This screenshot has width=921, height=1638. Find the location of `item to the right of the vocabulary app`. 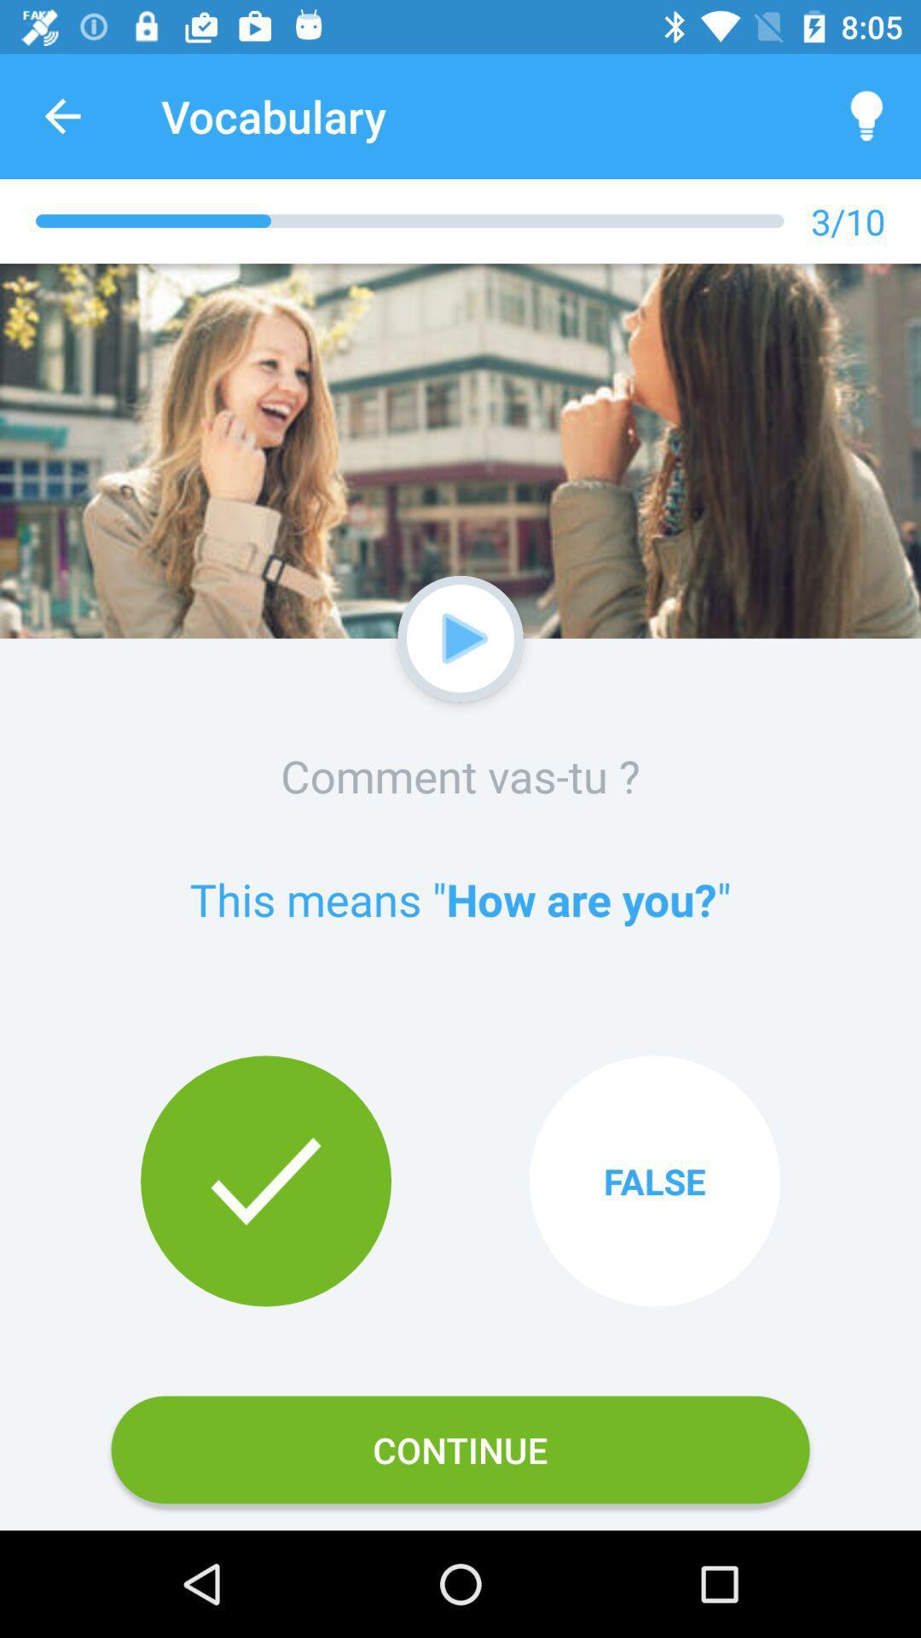

item to the right of the vocabulary app is located at coordinates (867, 115).